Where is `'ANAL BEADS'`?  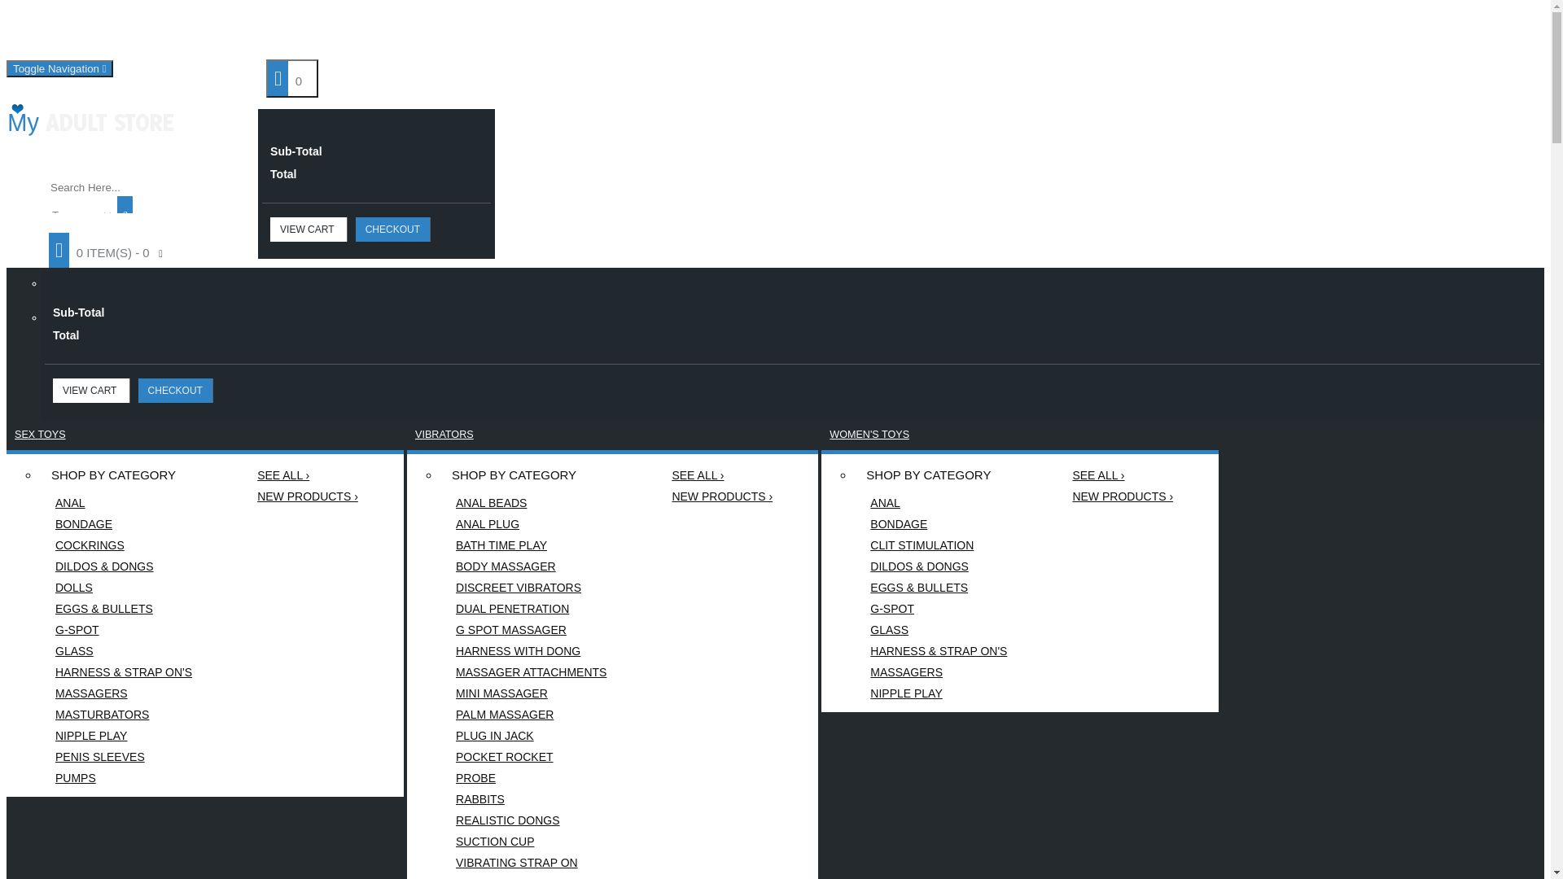 'ANAL BEADS' is located at coordinates (531, 501).